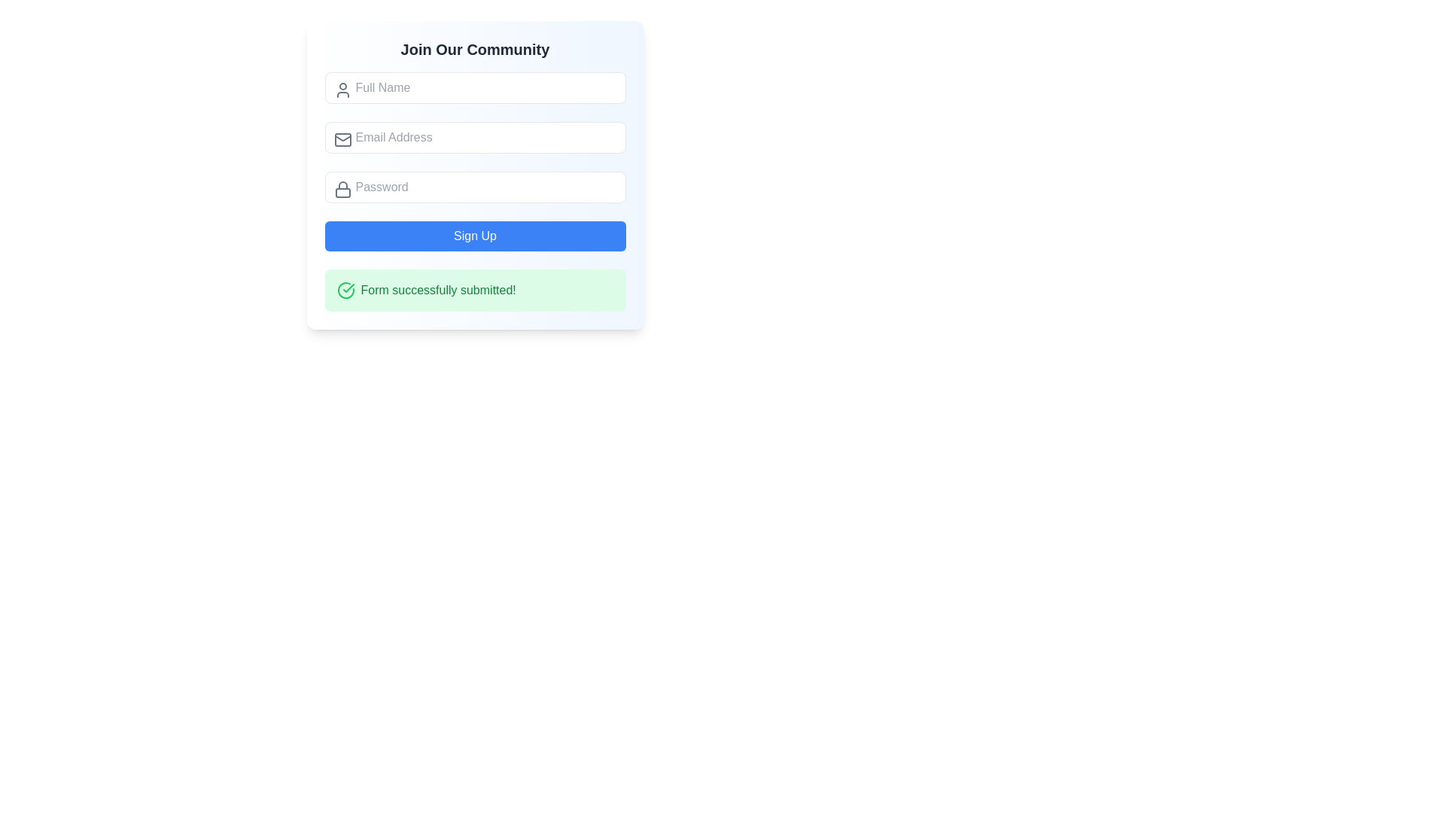 The height and width of the screenshot is (813, 1445). What do you see at coordinates (474, 137) in the screenshot?
I see `the email input field, which is the second input in a form for user registration or login, located in the 'Join Our Community' section` at bounding box center [474, 137].